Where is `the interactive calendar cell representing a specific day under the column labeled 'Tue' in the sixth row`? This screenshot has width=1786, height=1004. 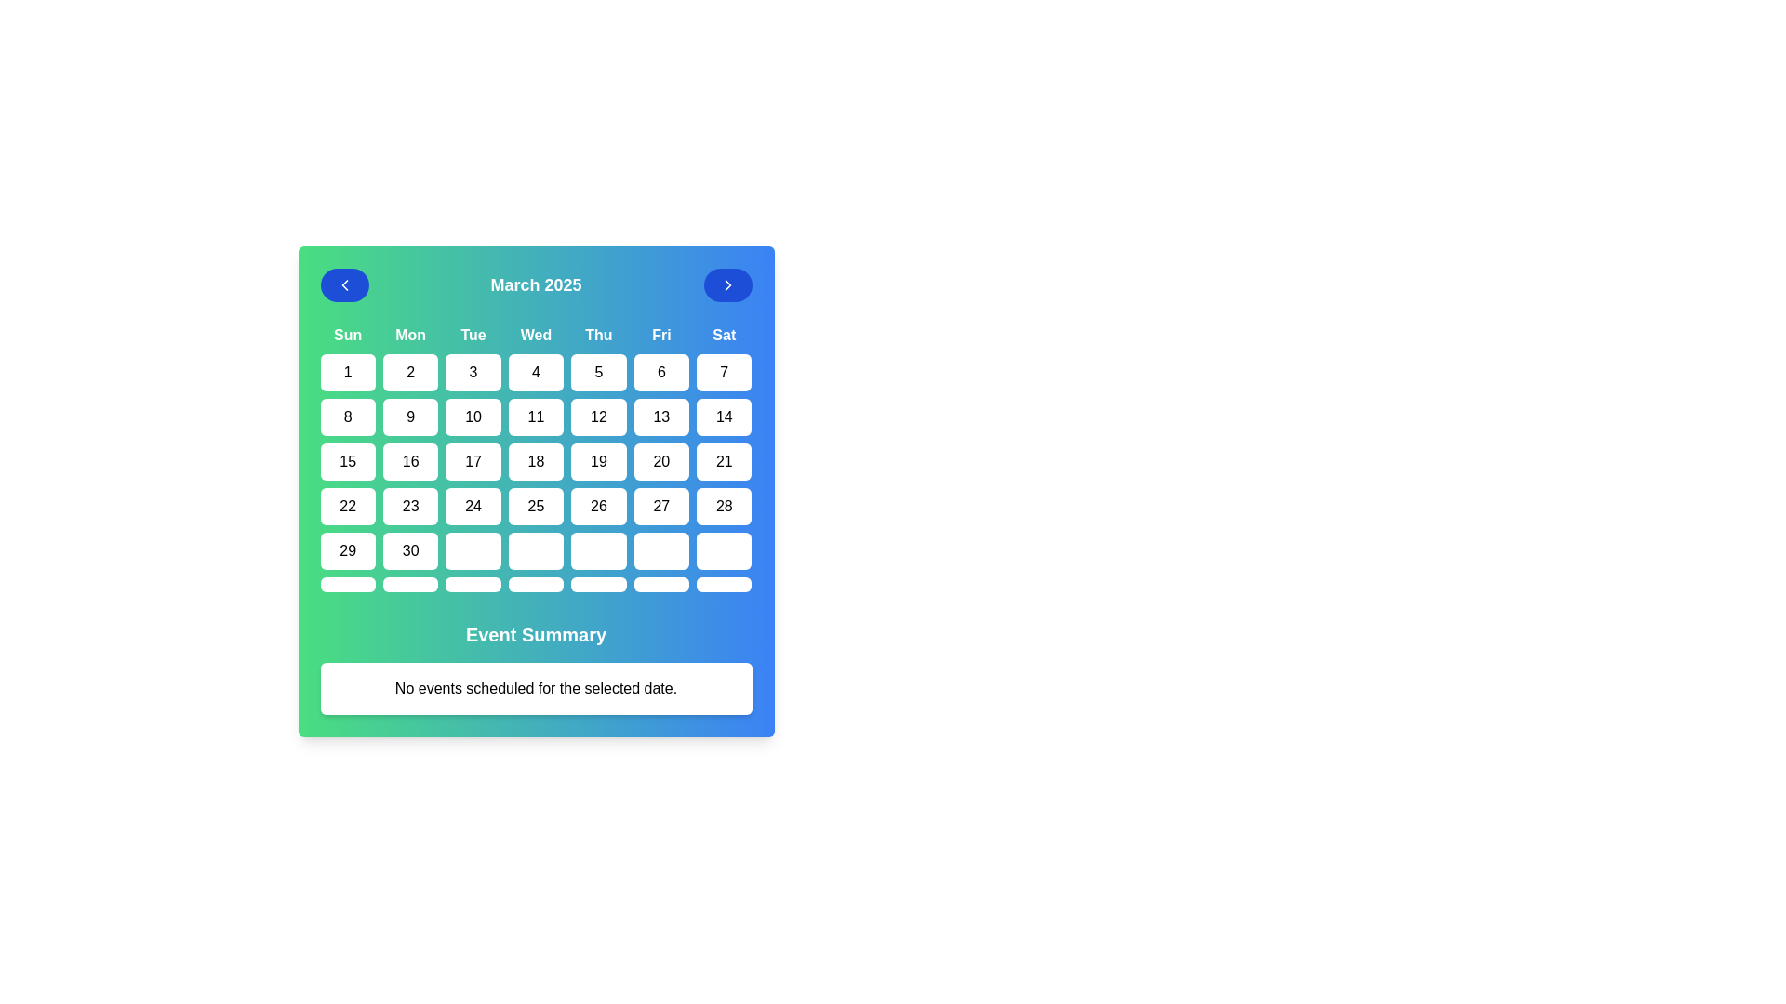
the interactive calendar cell representing a specific day under the column labeled 'Tue' in the sixth row is located at coordinates (473, 550).